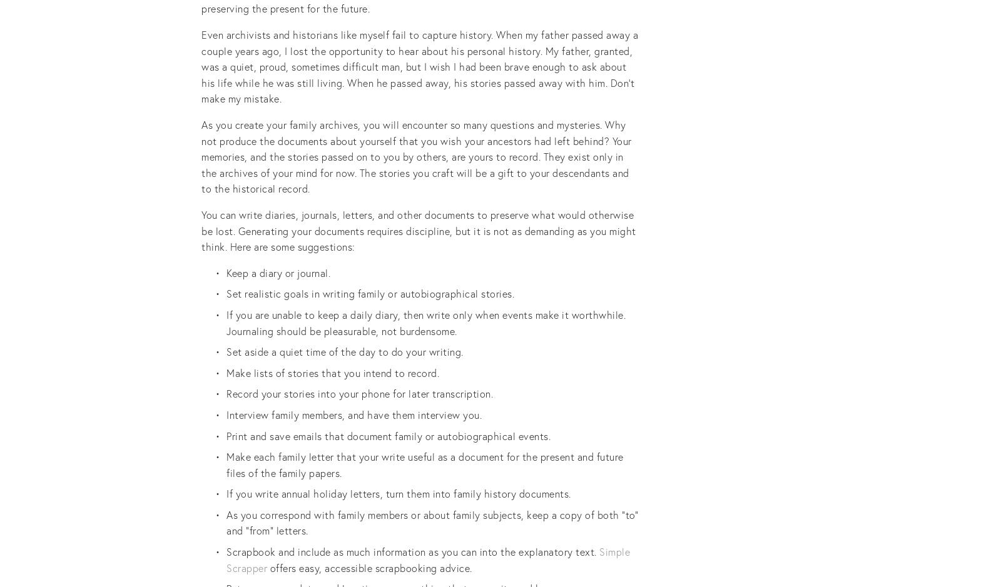 This screenshot has width=1001, height=587. Describe the element at coordinates (353, 414) in the screenshot. I see `'Interview family members, and have them interview you.'` at that location.